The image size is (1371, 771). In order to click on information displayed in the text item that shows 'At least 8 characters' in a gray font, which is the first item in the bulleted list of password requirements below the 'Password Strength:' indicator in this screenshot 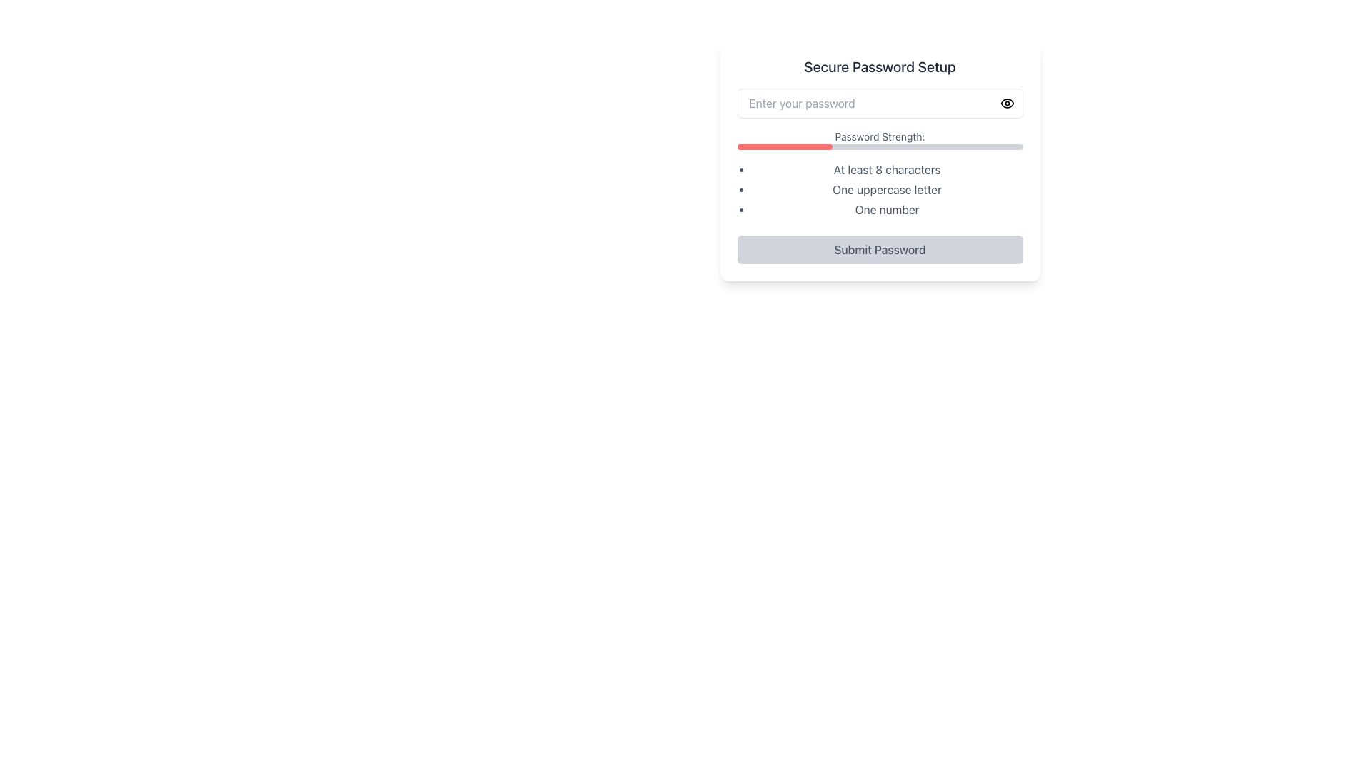, I will do `click(886, 169)`.